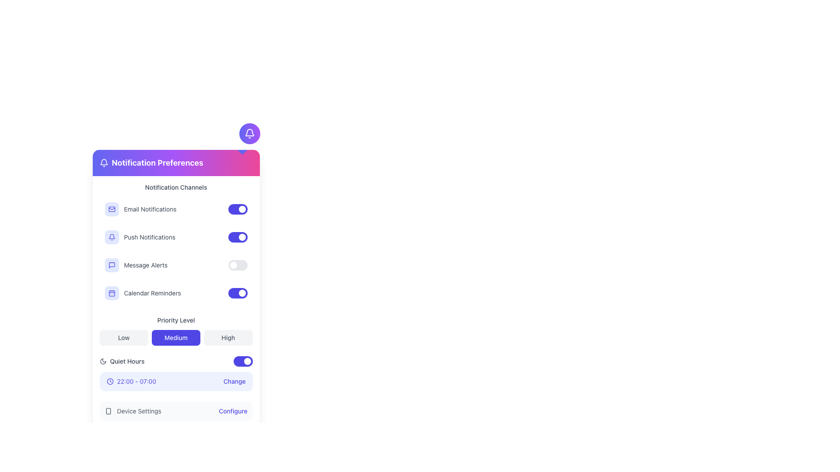  What do you see at coordinates (175, 293) in the screenshot?
I see `the toggle switch on the 'Calendar Reminders' Toggleable List Item` at bounding box center [175, 293].